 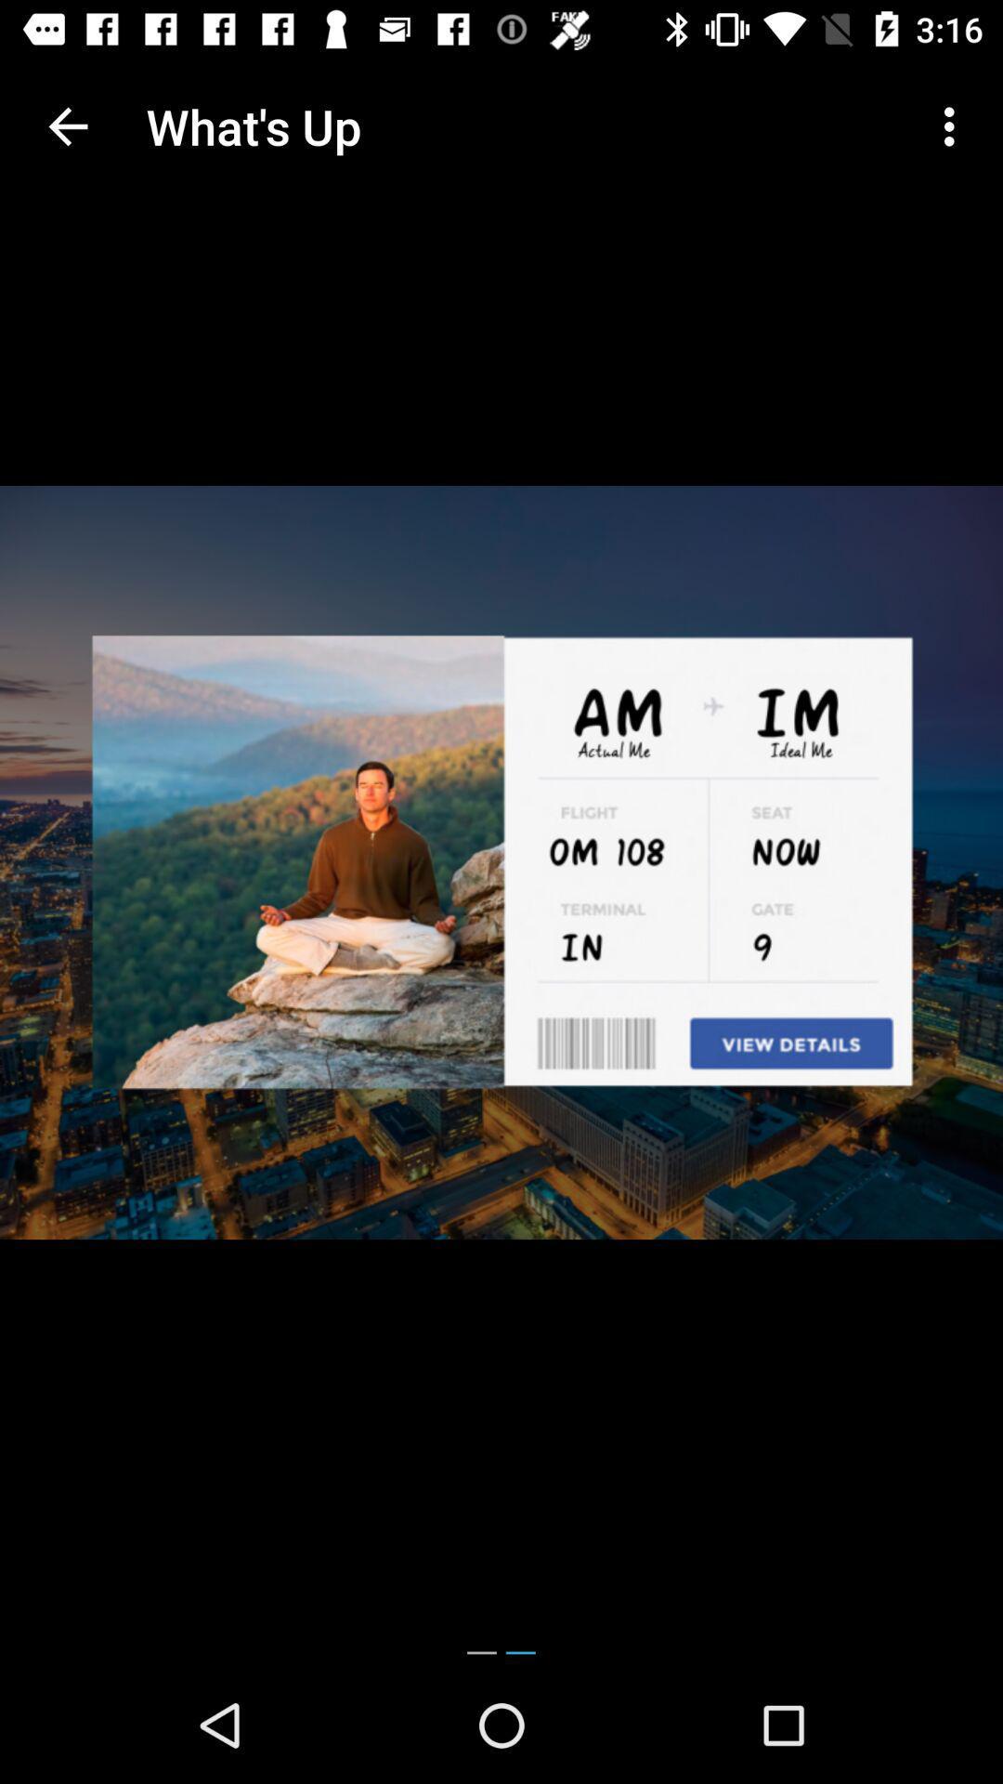 I want to click on app next to what's up item, so click(x=954, y=125).